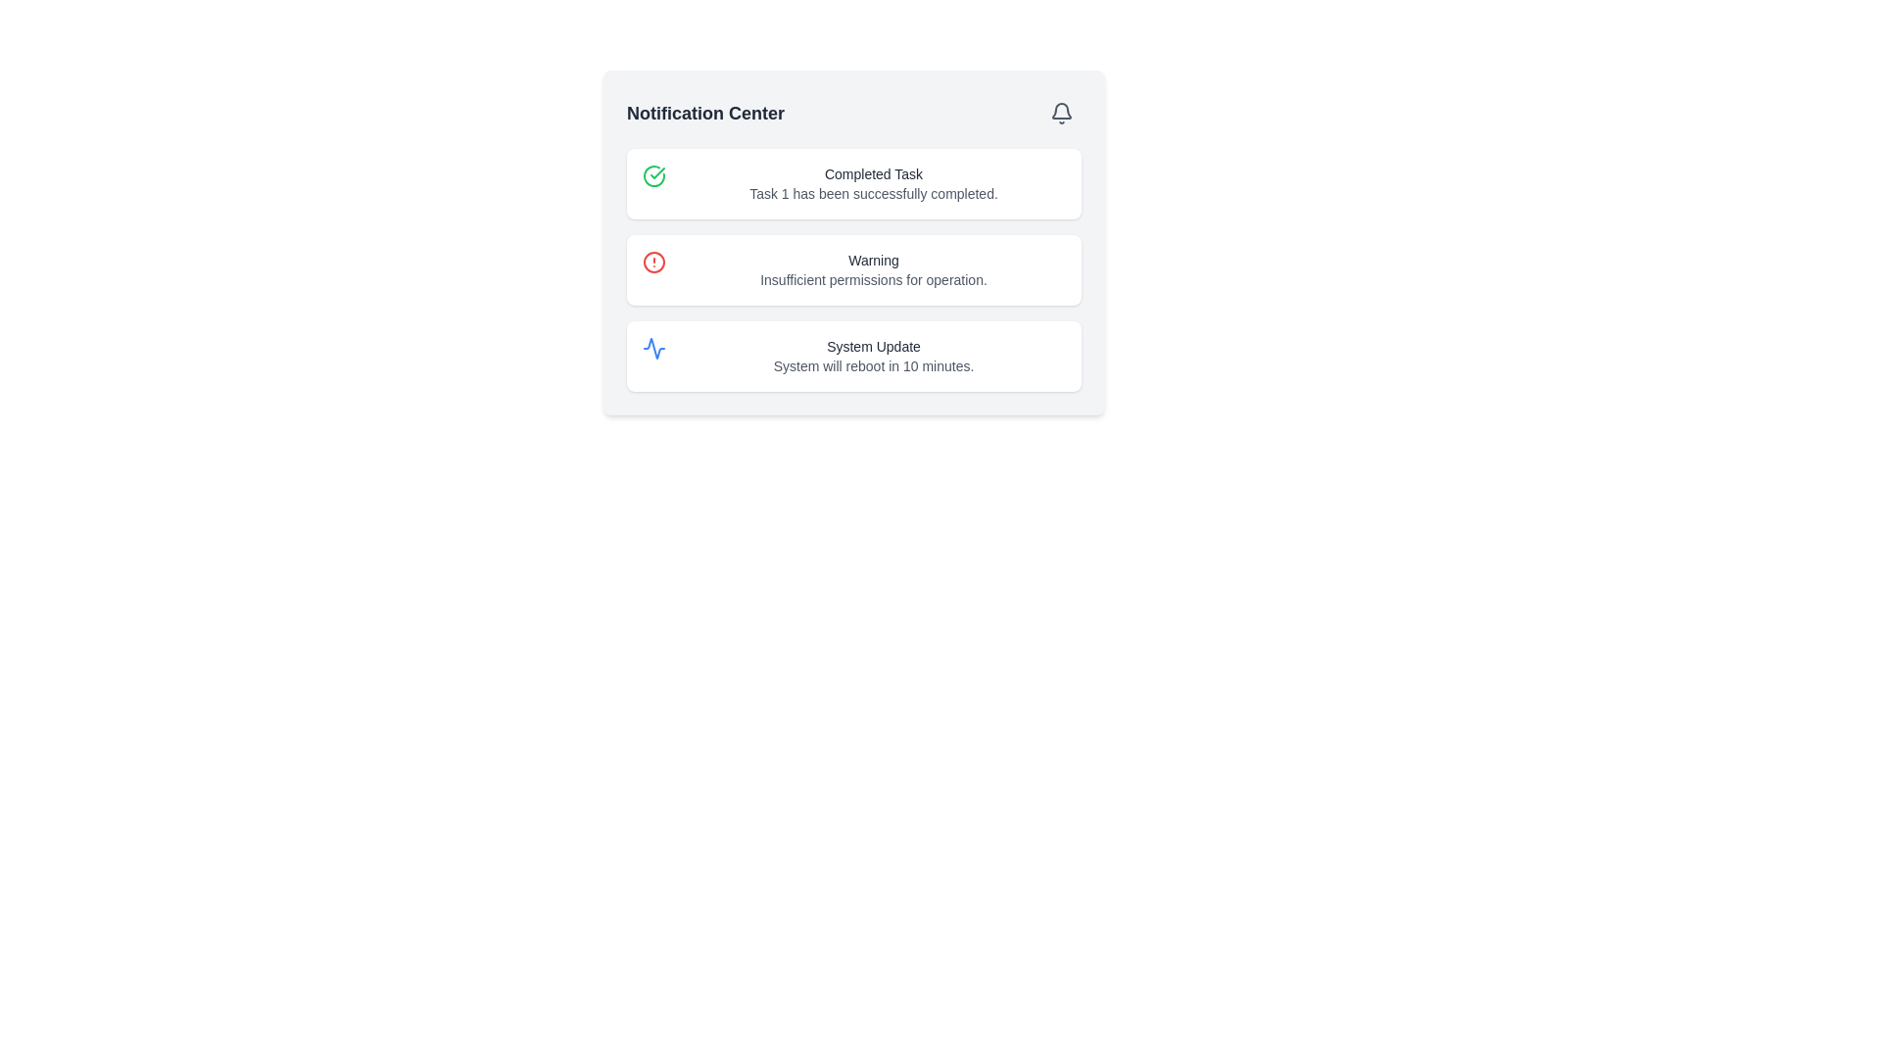 The height and width of the screenshot is (1058, 1881). What do you see at coordinates (653, 176) in the screenshot?
I see `the Status Indicator Icon located in the top-left corner of the 'Completed Task' notification card` at bounding box center [653, 176].